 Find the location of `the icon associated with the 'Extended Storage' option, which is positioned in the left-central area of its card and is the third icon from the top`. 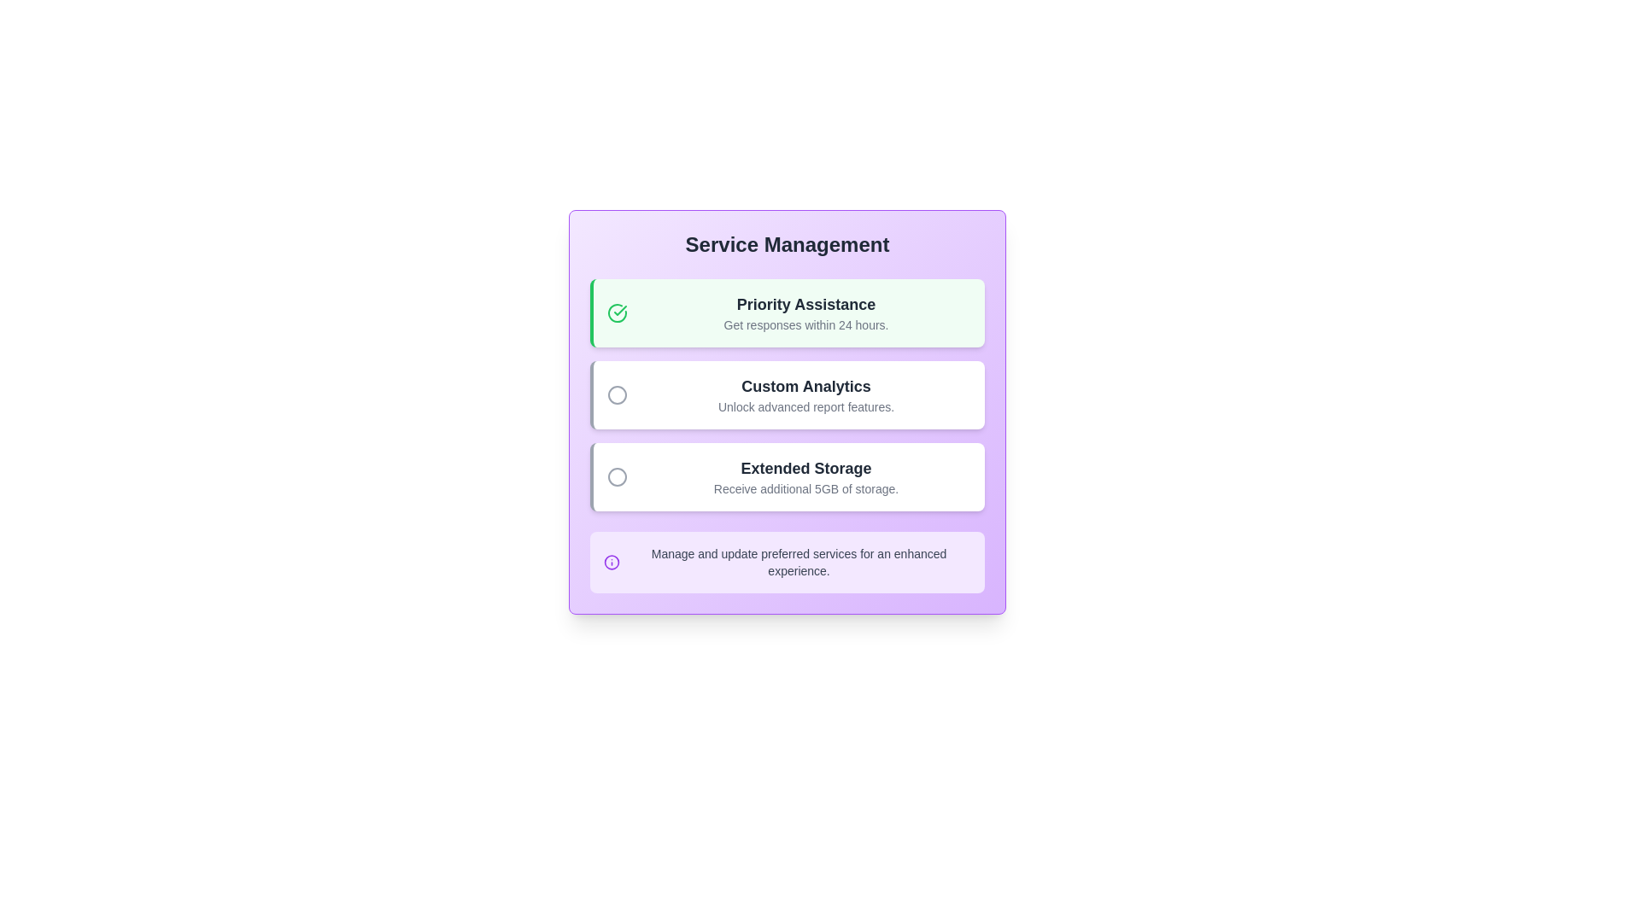

the icon associated with the 'Extended Storage' option, which is positioned in the left-central area of its card and is the third icon from the top is located at coordinates (617, 477).